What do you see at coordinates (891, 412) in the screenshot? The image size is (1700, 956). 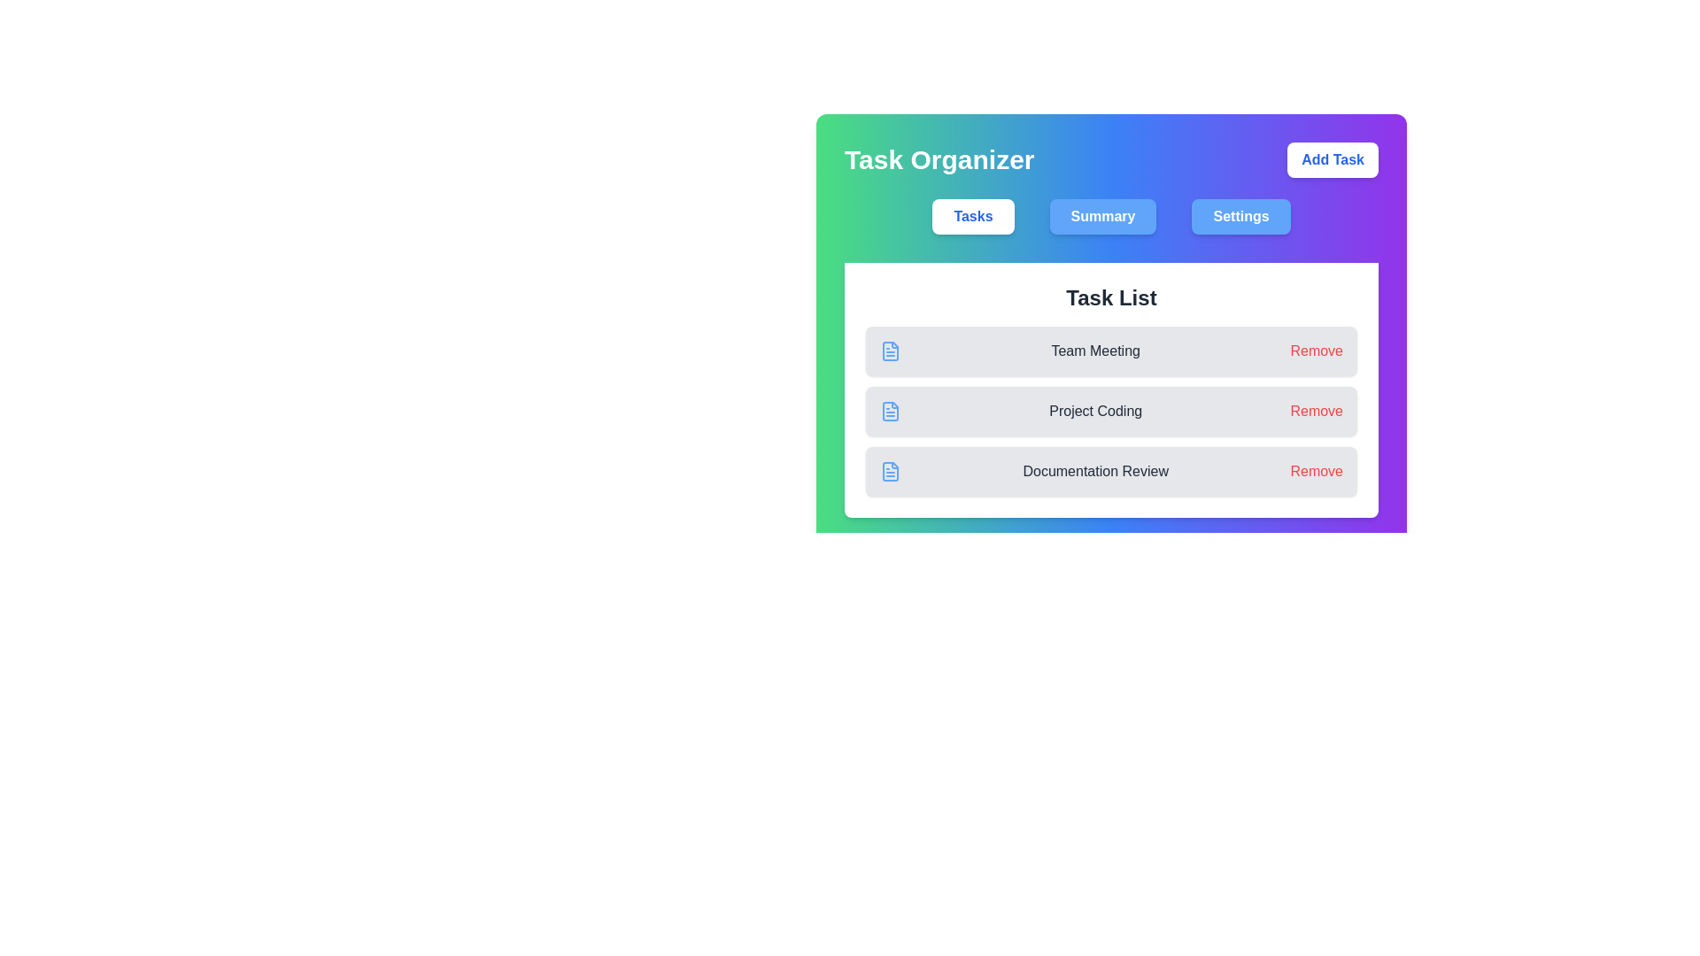 I see `the blue document file icon located in the 'Task List' section, which is the second icon from the top adjacent to the 'Project Coding' text label` at bounding box center [891, 412].